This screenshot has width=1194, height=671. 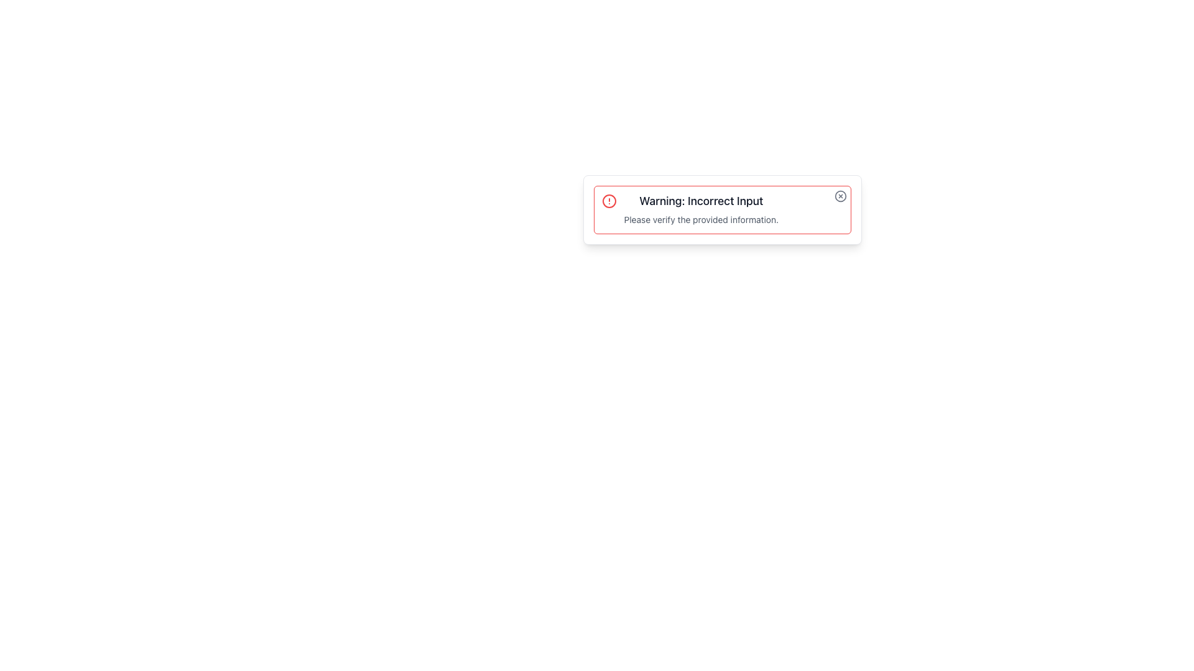 What do you see at coordinates (722, 209) in the screenshot?
I see `the Notification Alert with Dismiss Option that has a warning icon and bold text saying 'Warning: Incorrect Input'` at bounding box center [722, 209].